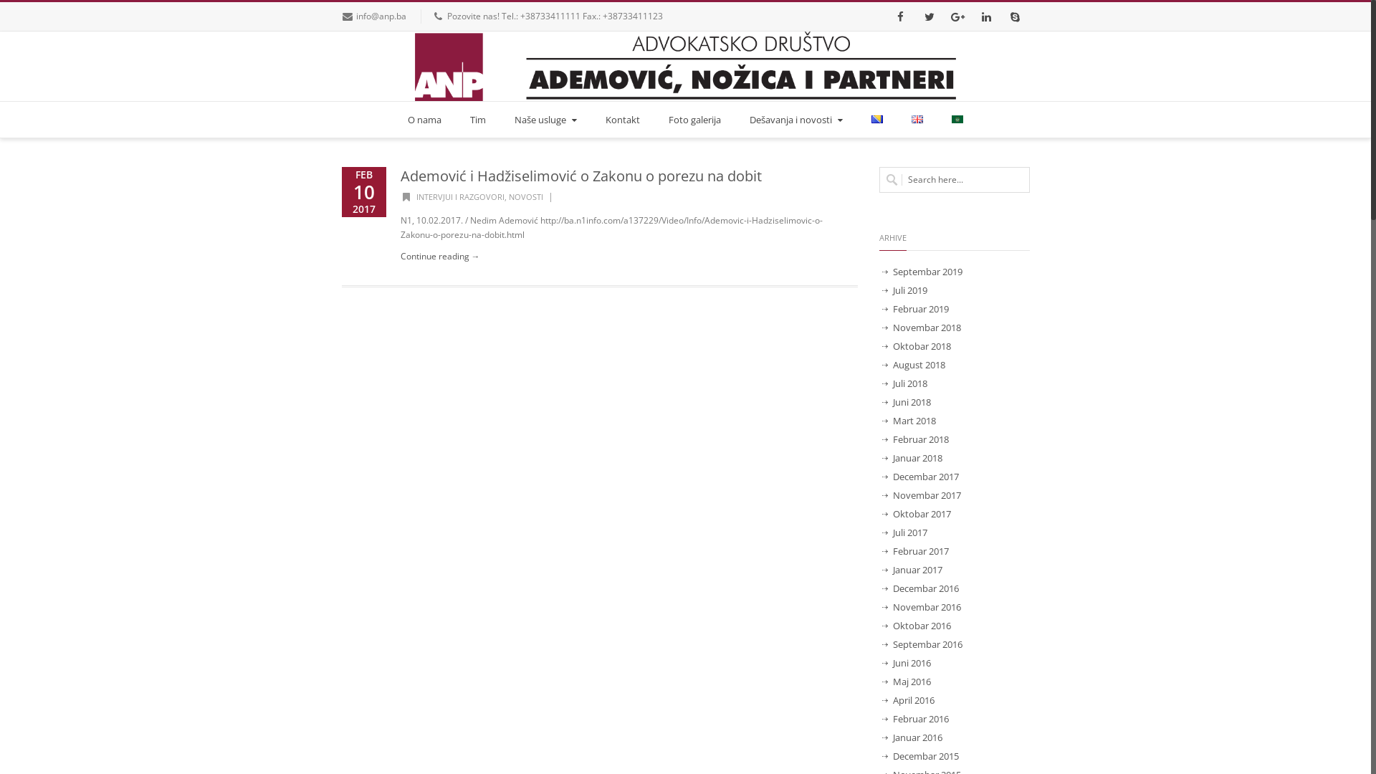 This screenshot has width=1376, height=774. Describe the element at coordinates (906, 401) in the screenshot. I see `'Juni 2018'` at that location.